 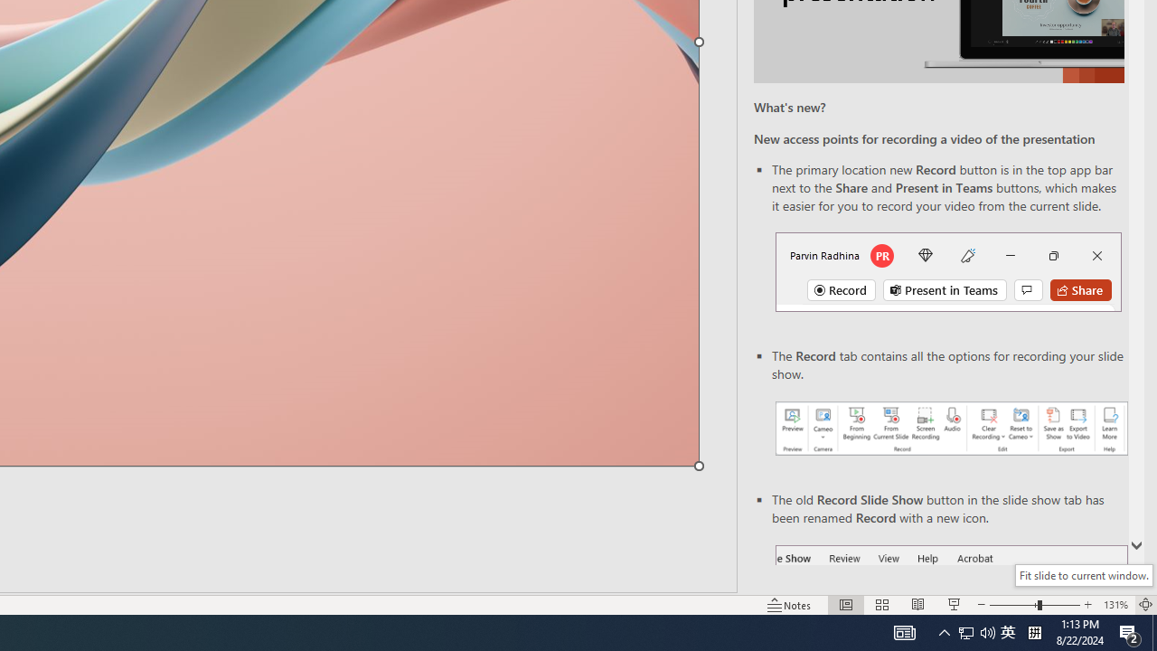 I want to click on 'Record your presentations screenshot one', so click(x=950, y=429).